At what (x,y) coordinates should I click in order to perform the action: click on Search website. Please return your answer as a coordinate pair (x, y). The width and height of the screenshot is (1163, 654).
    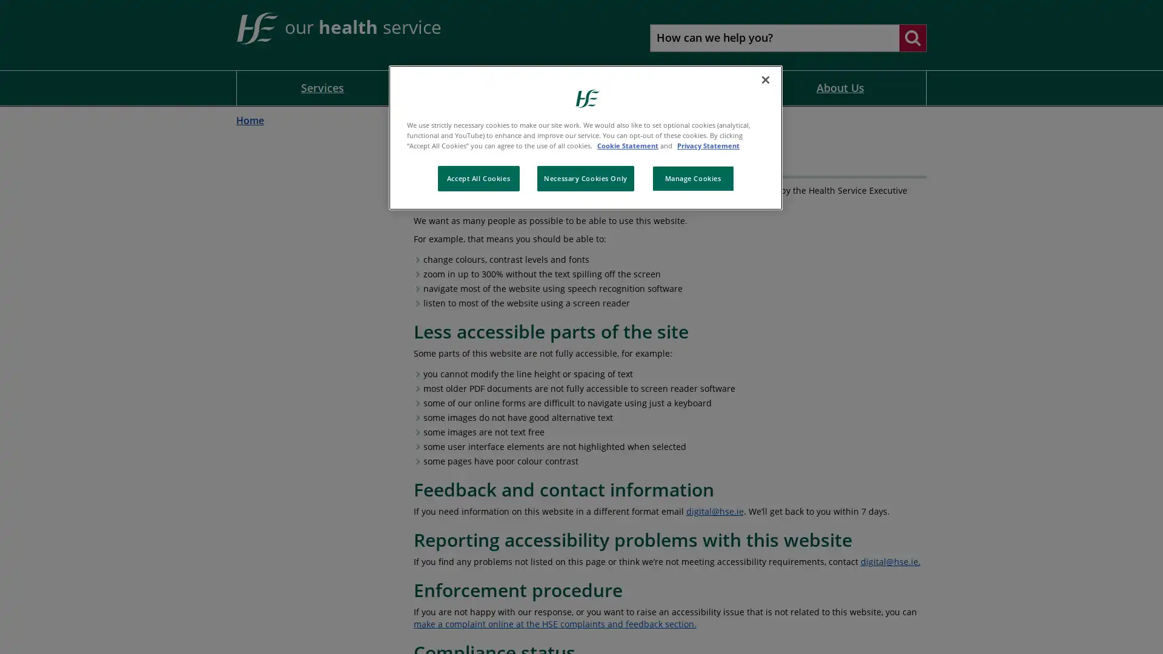
    Looking at the image, I should click on (913, 37).